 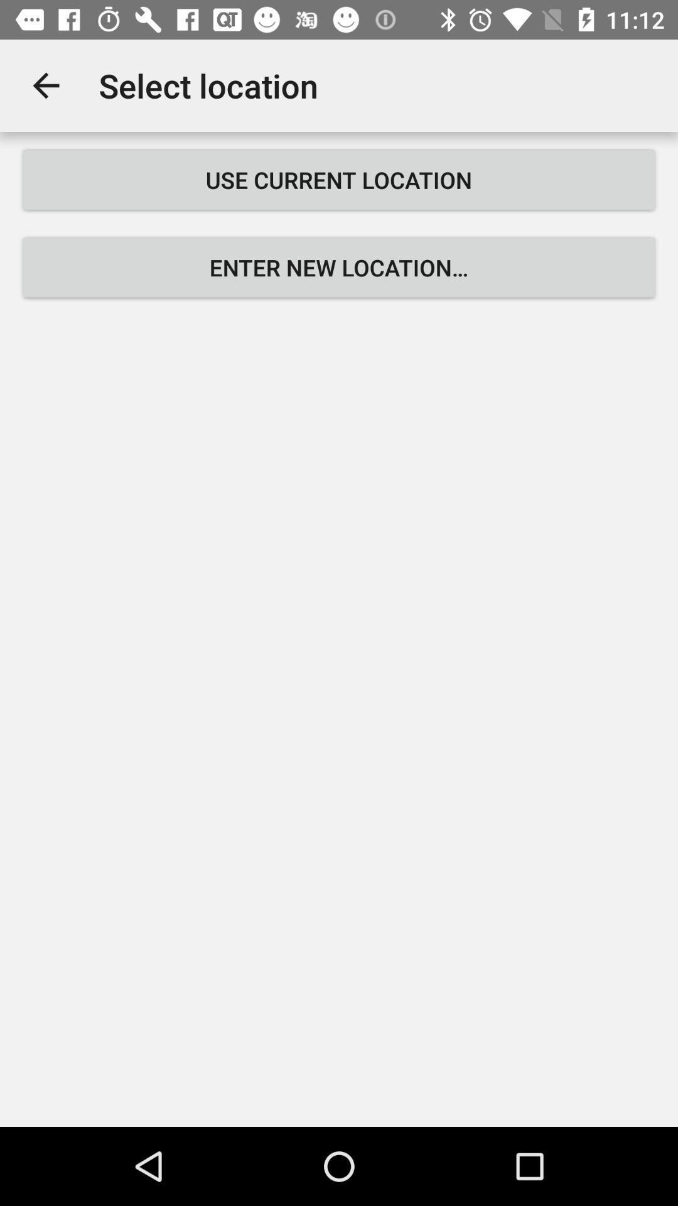 What do you see at coordinates (339, 267) in the screenshot?
I see `item below the use current location item` at bounding box center [339, 267].